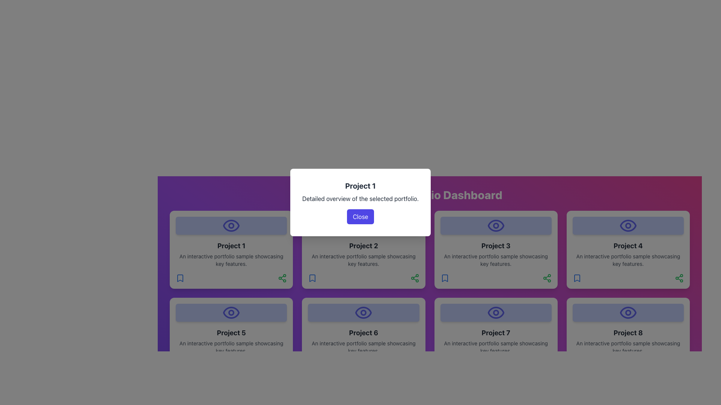 Image resolution: width=721 pixels, height=405 pixels. Describe the element at coordinates (364, 312) in the screenshot. I see `the Circle (SVG) graphic nested inside the eye icon within the card labeled 'Project 6' in the second row, third column of the grid layout` at that location.